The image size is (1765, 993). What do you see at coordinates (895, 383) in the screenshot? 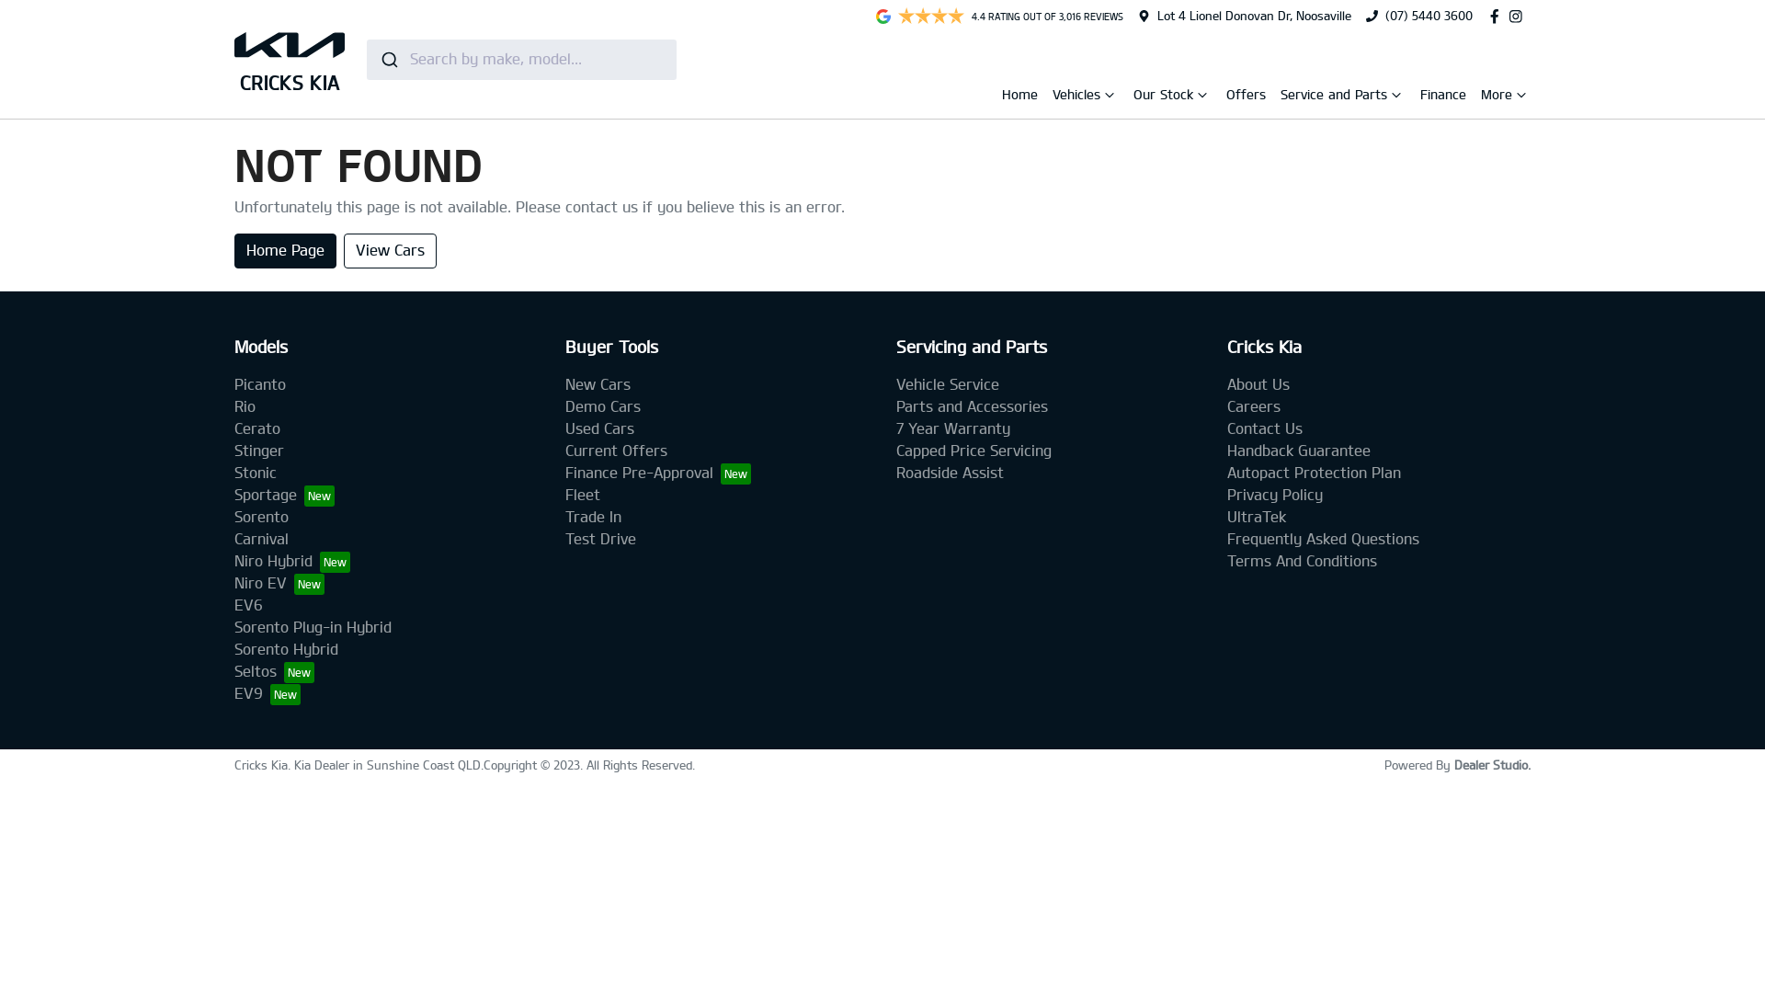
I see `'Vehicle Service'` at bounding box center [895, 383].